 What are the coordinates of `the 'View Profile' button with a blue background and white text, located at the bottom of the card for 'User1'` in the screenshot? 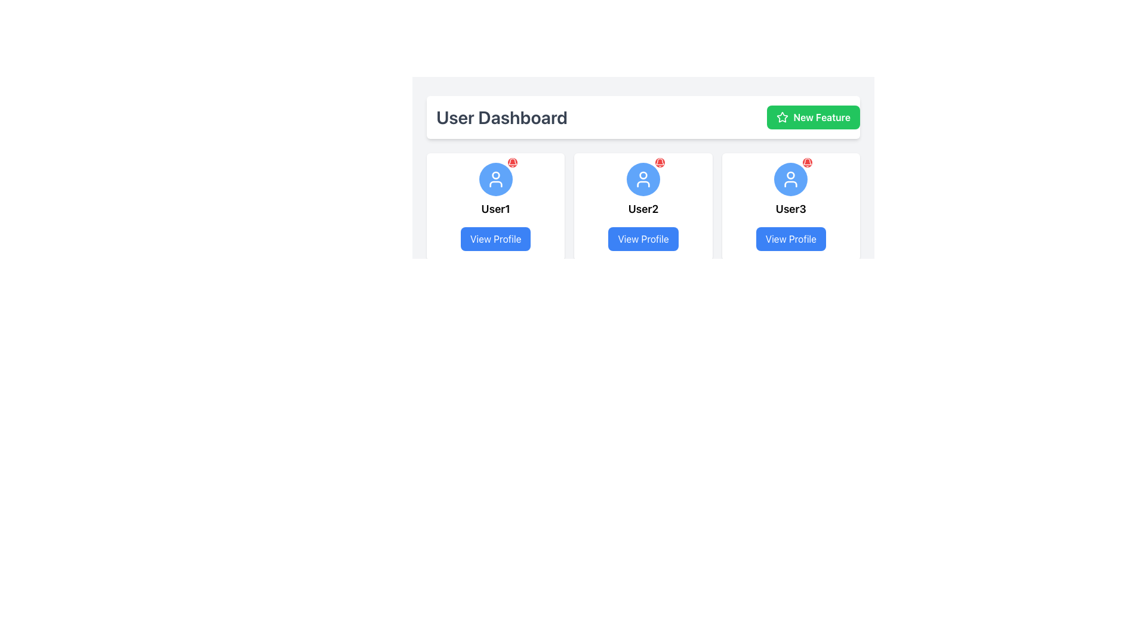 It's located at (495, 239).